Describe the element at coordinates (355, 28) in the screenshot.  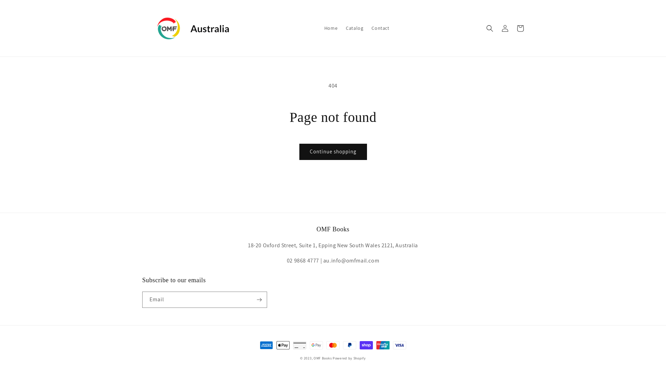
I see `'Catalog'` at that location.